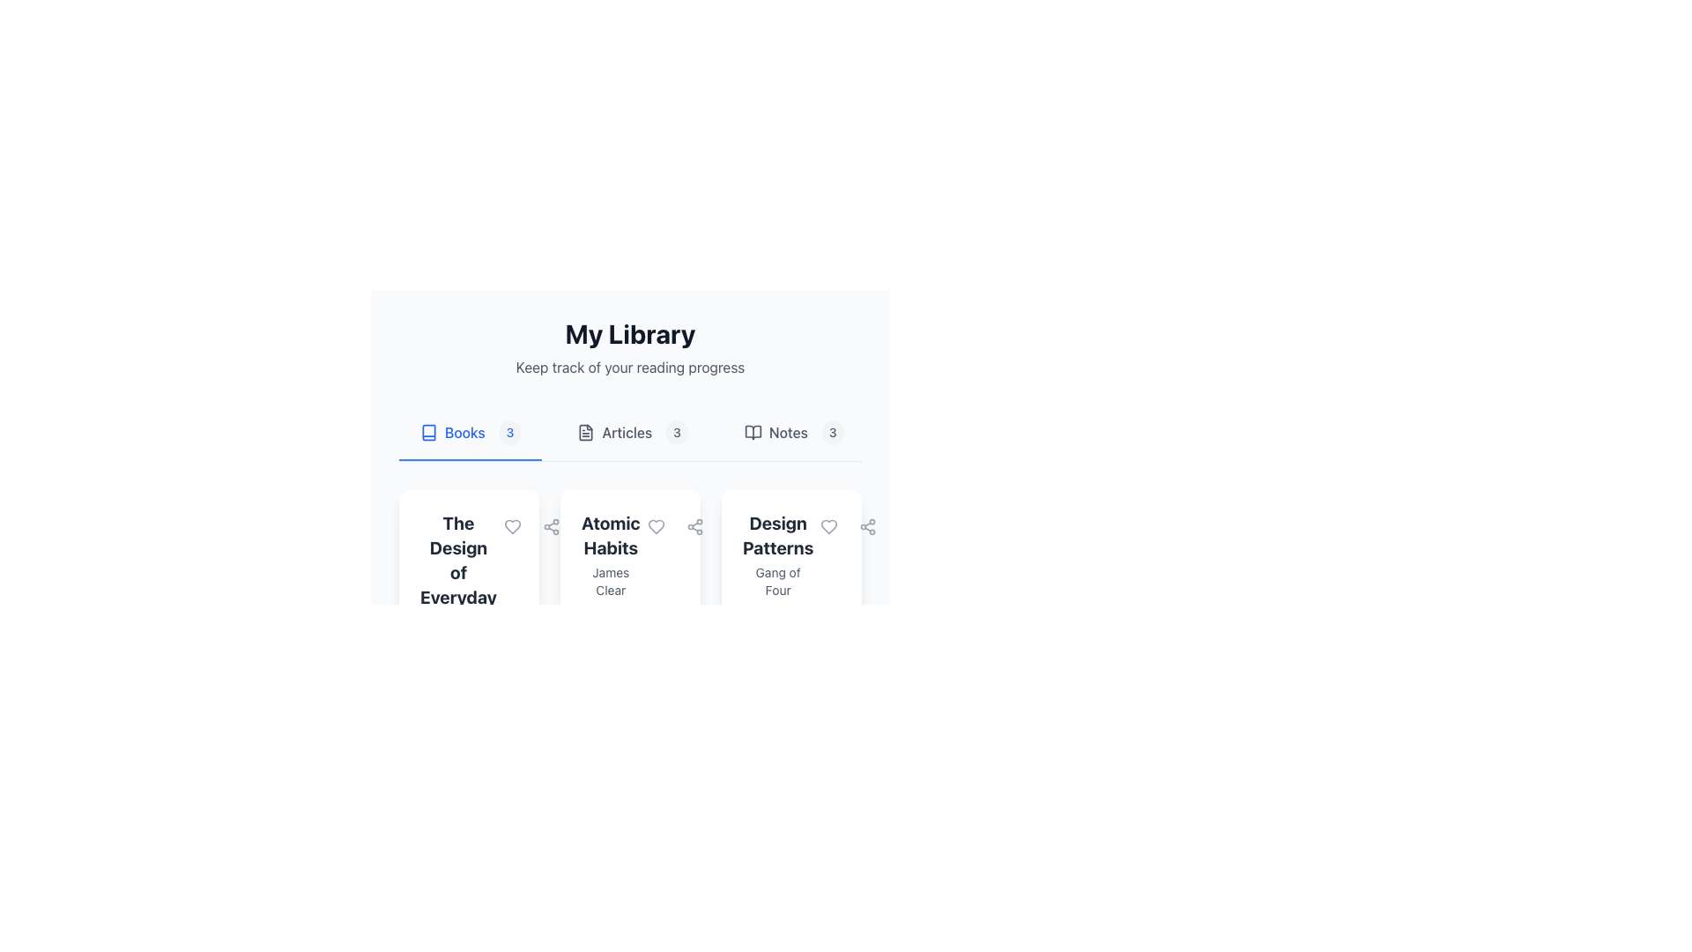 The height and width of the screenshot is (952, 1692). Describe the element at coordinates (793, 434) in the screenshot. I see `the 'Notes' button, which features an icon of an open book and a badge with the number '3'` at that location.